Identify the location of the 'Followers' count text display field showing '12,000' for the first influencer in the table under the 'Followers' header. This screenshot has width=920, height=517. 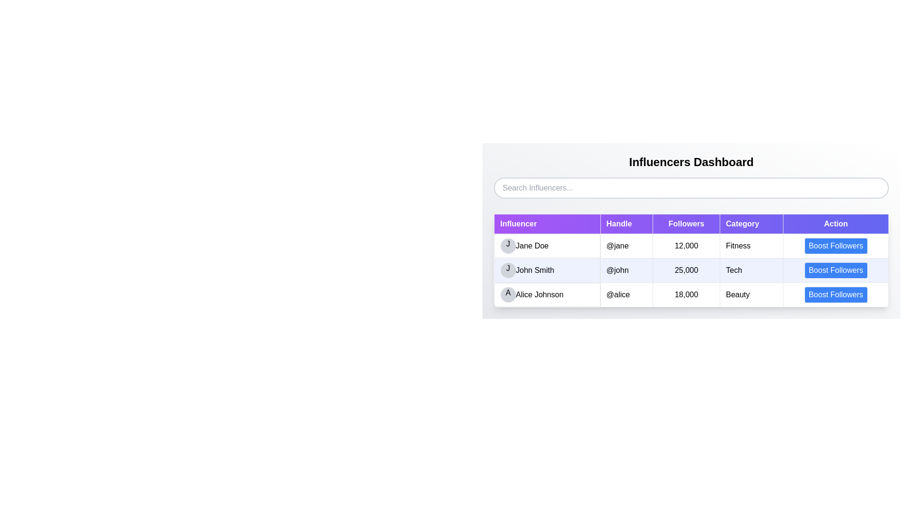
(691, 242).